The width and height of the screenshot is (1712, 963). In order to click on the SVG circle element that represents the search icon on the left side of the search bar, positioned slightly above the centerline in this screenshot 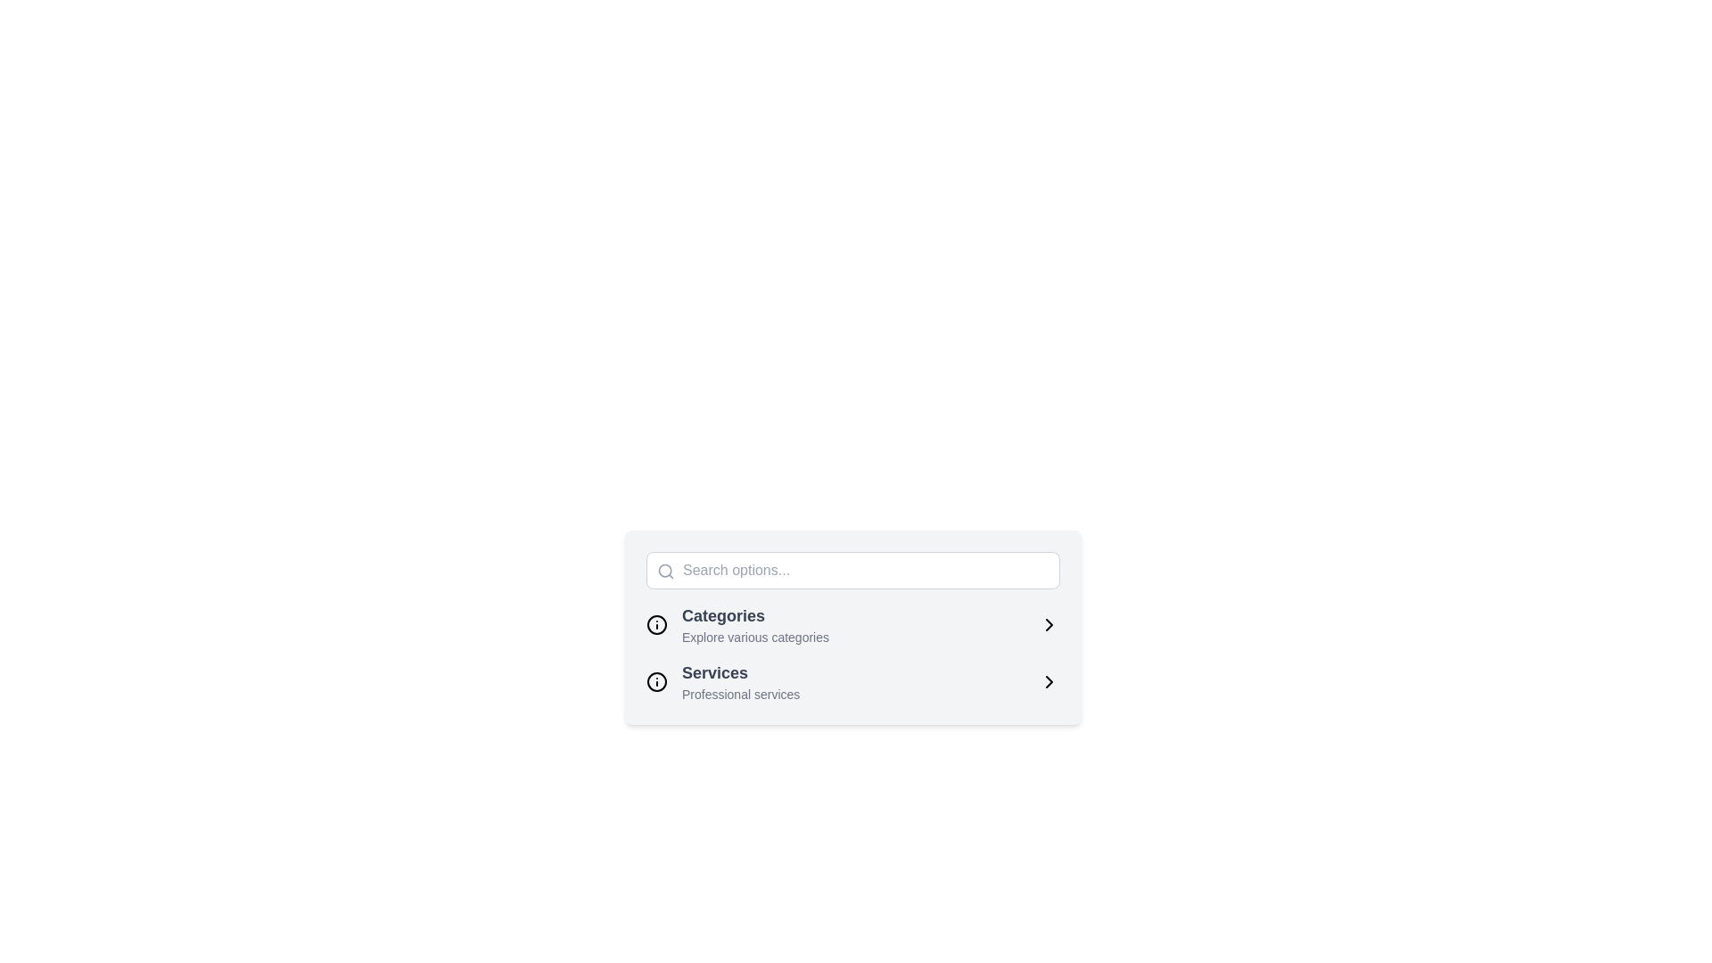, I will do `click(664, 571)`.